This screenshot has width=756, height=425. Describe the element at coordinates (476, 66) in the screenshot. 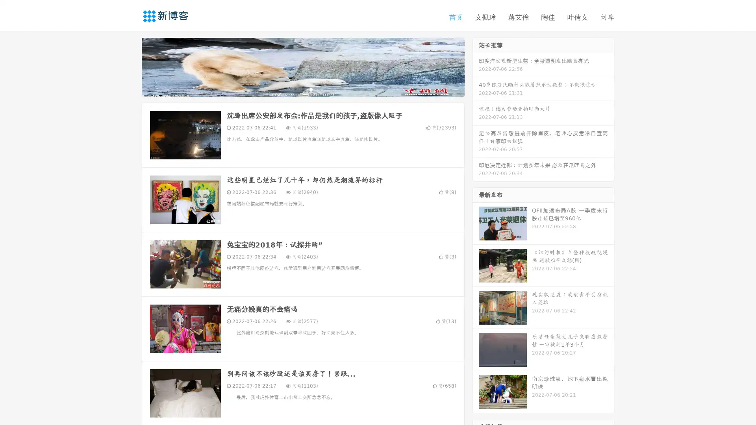

I see `Next slide` at that location.